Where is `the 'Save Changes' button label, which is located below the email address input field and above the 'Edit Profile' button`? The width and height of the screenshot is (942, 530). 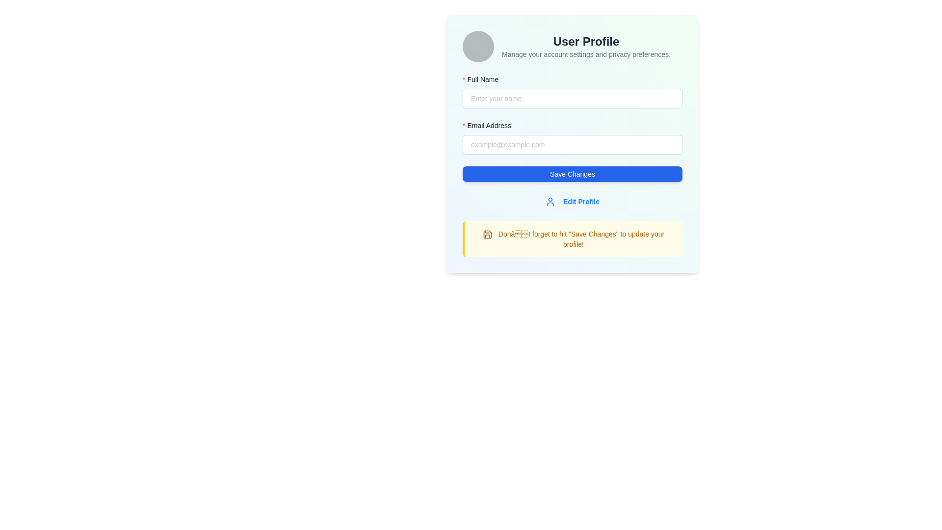 the 'Save Changes' button label, which is located below the email address input field and above the 'Edit Profile' button is located at coordinates (572, 173).